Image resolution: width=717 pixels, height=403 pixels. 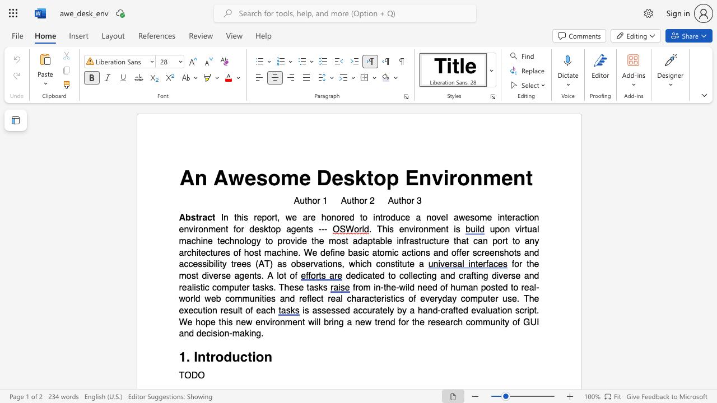 What do you see at coordinates (306, 229) in the screenshot?
I see `the subset text "ts -" within the text "In this report, we are honored to introduce a novel awesome interaction environment for desktop agents ---"` at bounding box center [306, 229].